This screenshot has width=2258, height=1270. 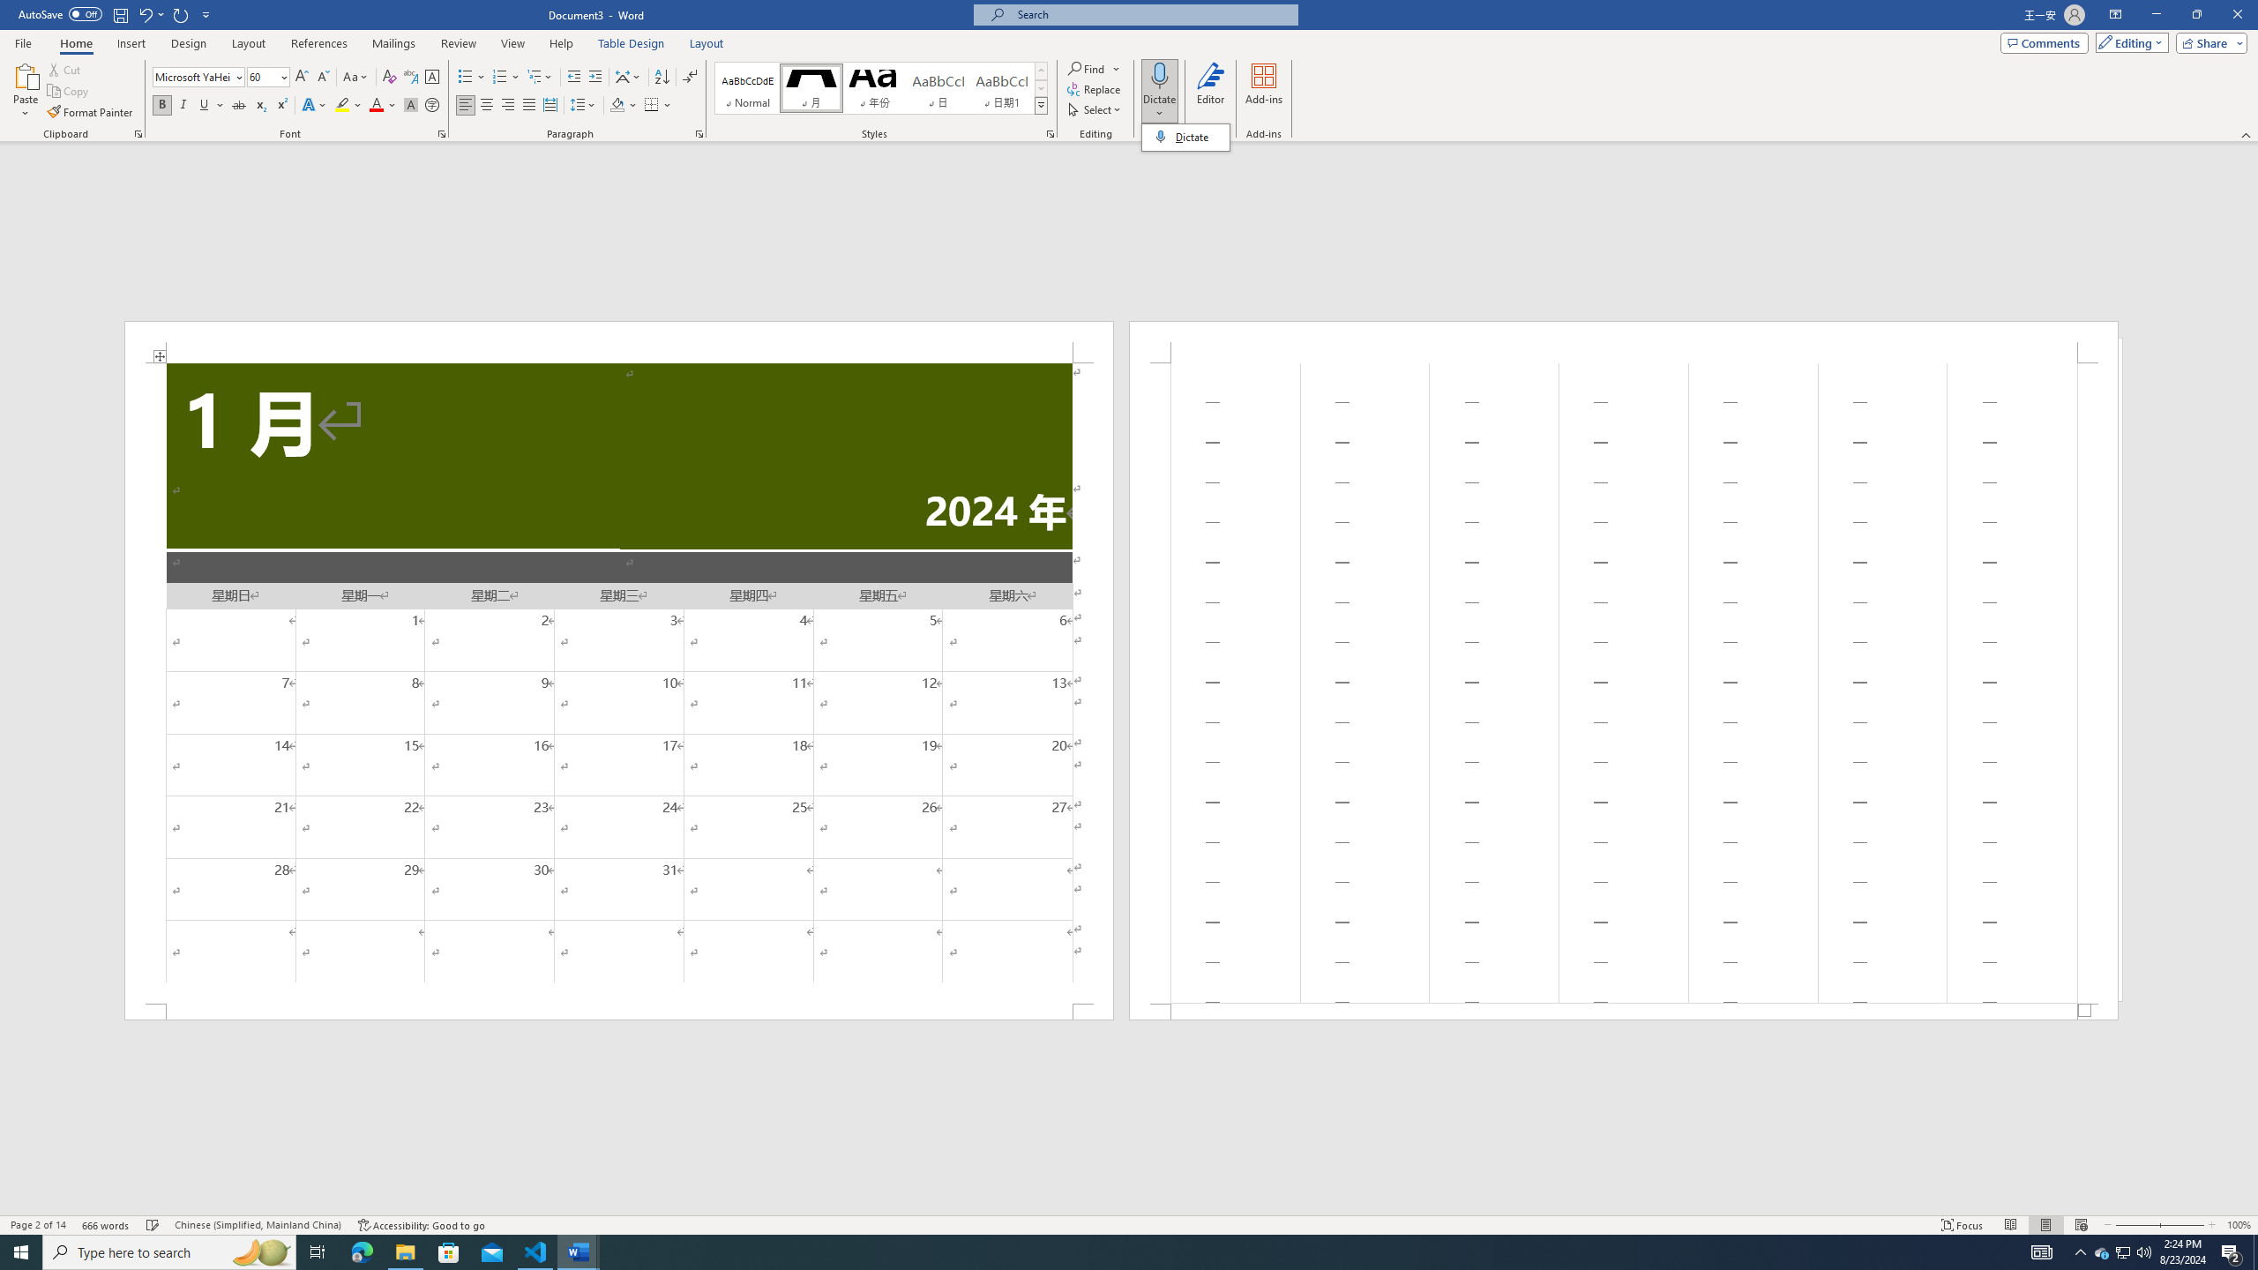 I want to click on 'Close', so click(x=2236, y=14).